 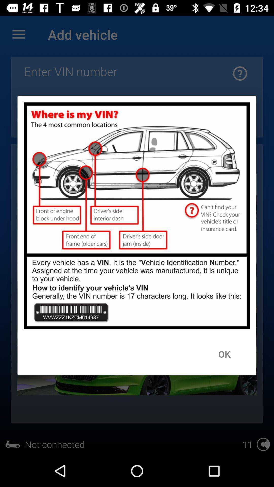 I want to click on ok icon, so click(x=224, y=354).